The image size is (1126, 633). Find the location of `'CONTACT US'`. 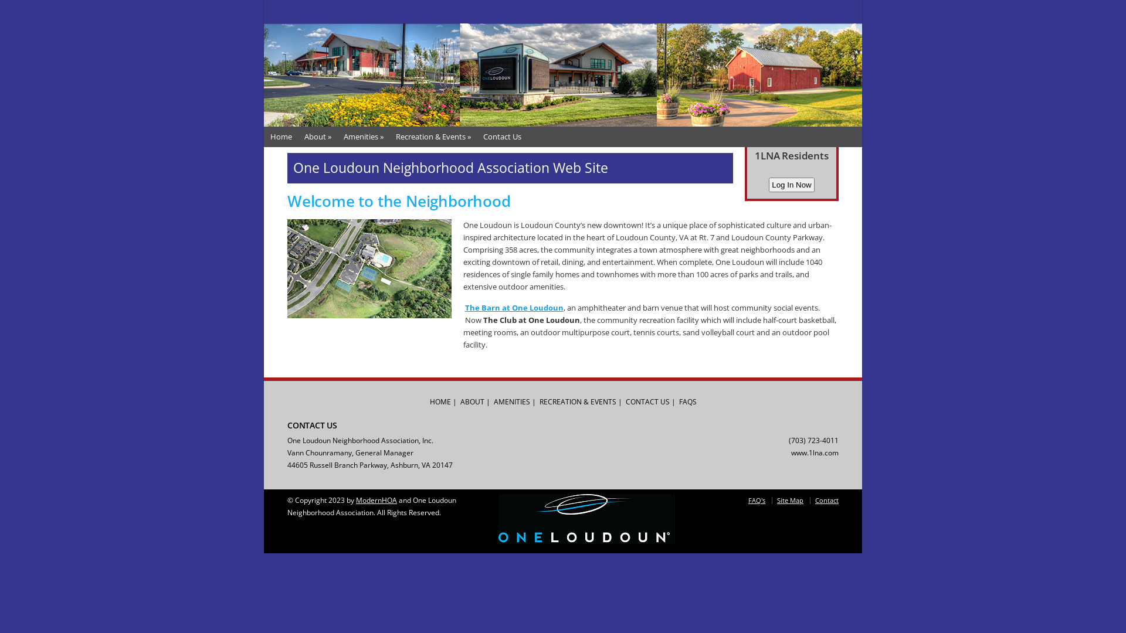

'CONTACT US' is located at coordinates (287, 425).